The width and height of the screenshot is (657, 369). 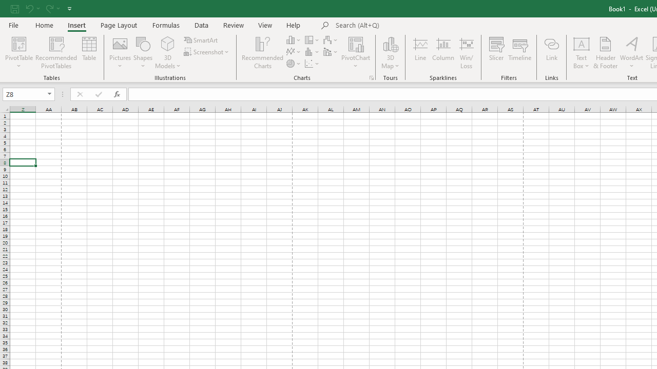 What do you see at coordinates (466, 53) in the screenshot?
I see `'Win/Loss'` at bounding box center [466, 53].